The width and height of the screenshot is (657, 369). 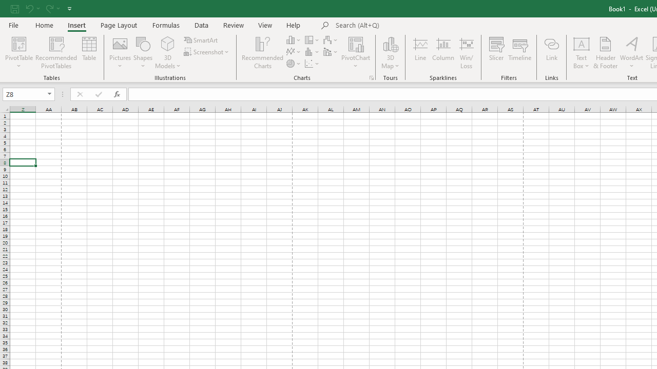 What do you see at coordinates (466, 53) in the screenshot?
I see `'Win/Loss'` at bounding box center [466, 53].